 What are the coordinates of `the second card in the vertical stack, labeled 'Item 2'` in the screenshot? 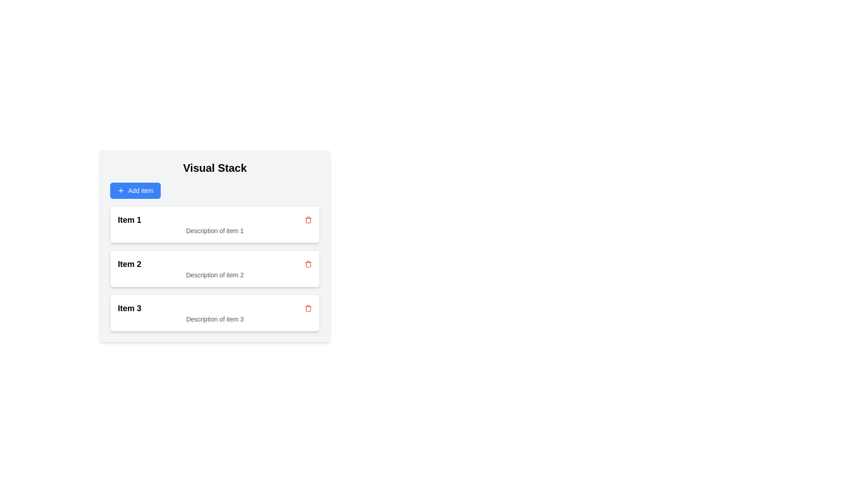 It's located at (214, 268).